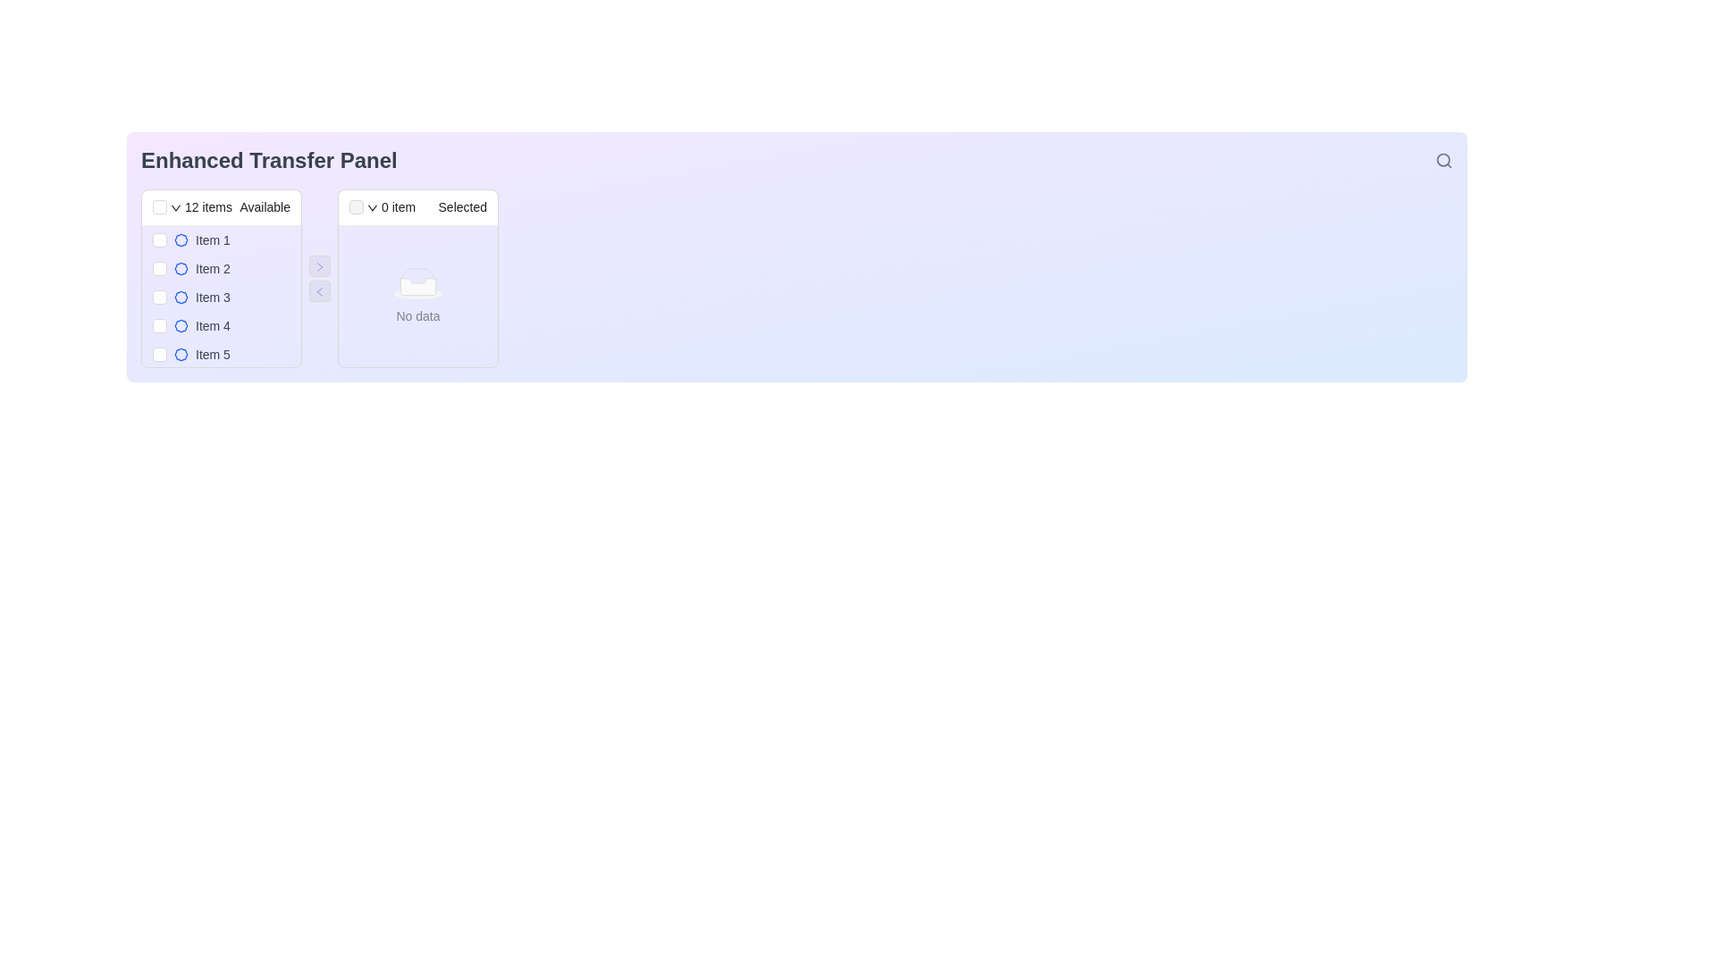  What do you see at coordinates (159, 268) in the screenshot?
I see `the checkbox that allows users to select or deselect 'Item 2', positioned on the left side of the 'Item 2' label in the 'Available' section of the 'Enhanced Transfer Panel'` at bounding box center [159, 268].